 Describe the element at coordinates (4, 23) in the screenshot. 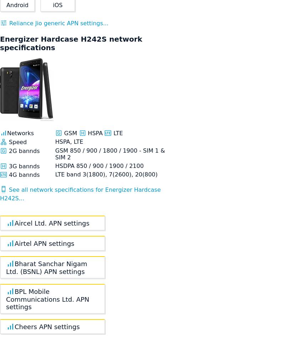

I see `'tune'` at that location.